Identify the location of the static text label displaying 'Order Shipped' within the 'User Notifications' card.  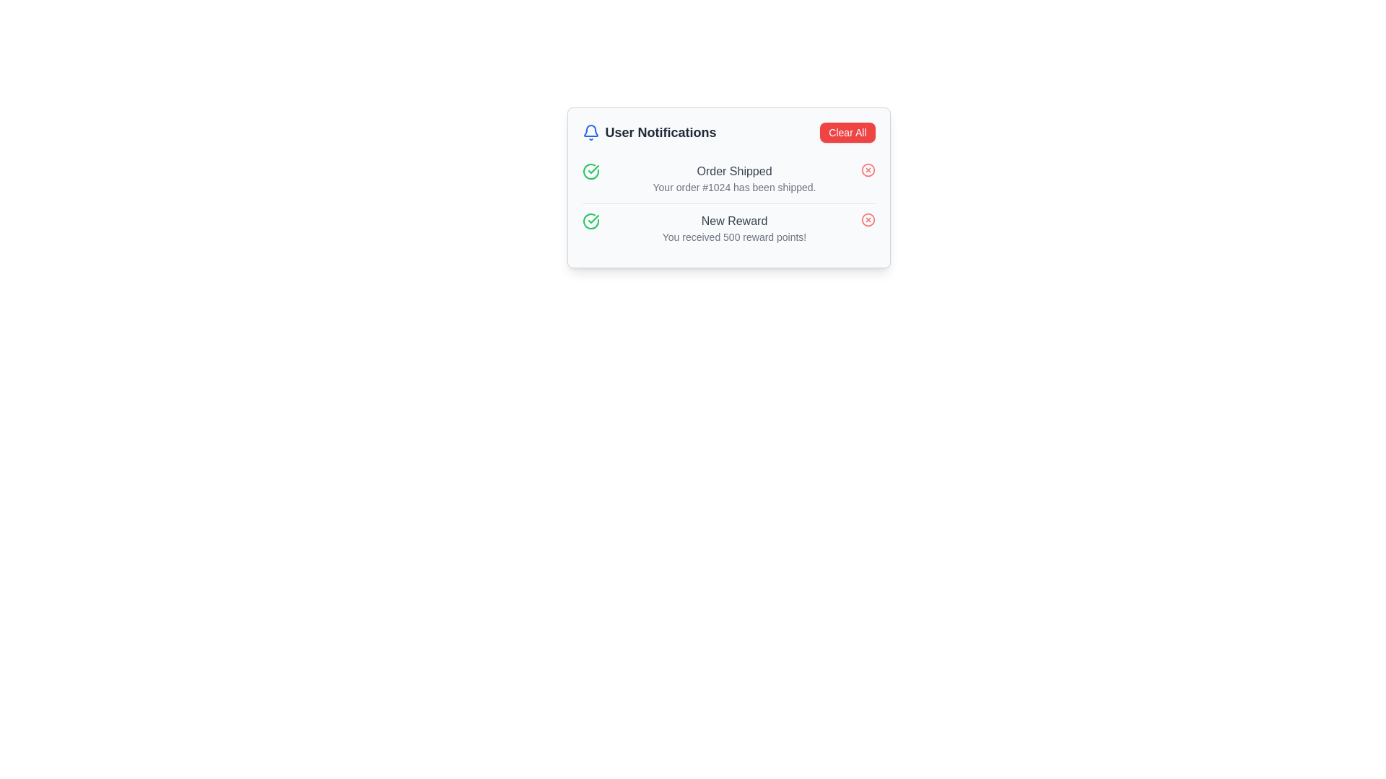
(734, 171).